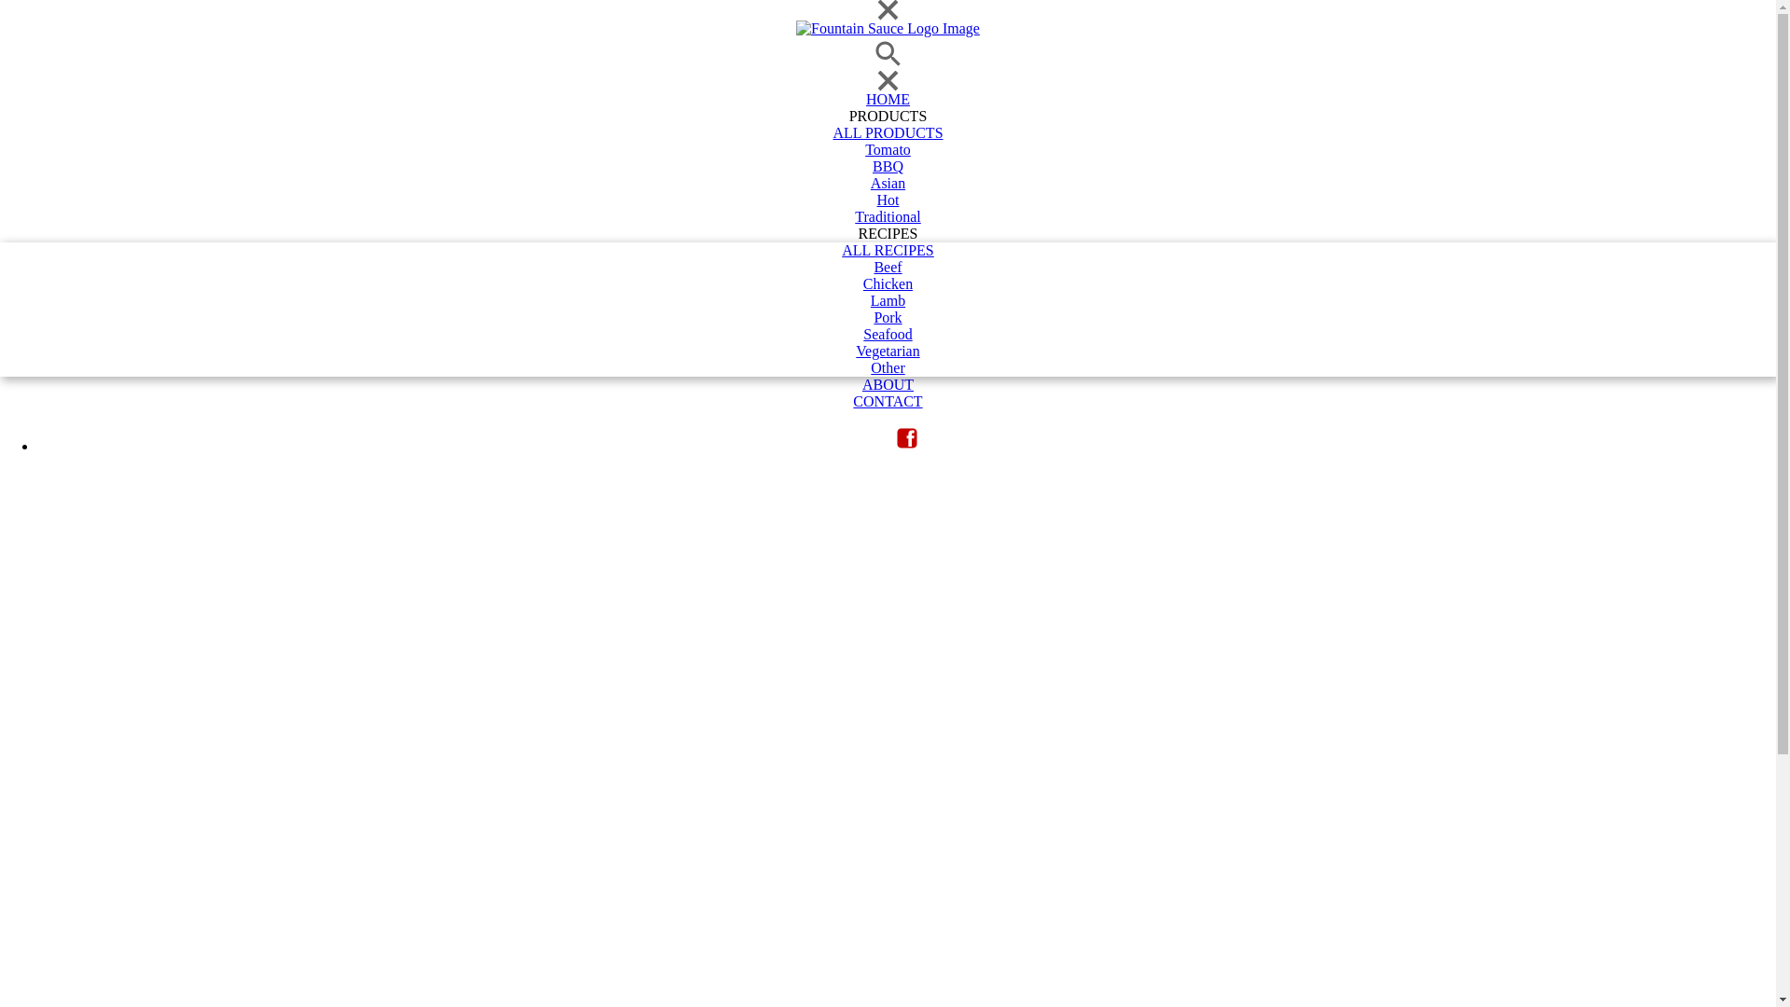  What do you see at coordinates (887, 316) in the screenshot?
I see `'Pork'` at bounding box center [887, 316].